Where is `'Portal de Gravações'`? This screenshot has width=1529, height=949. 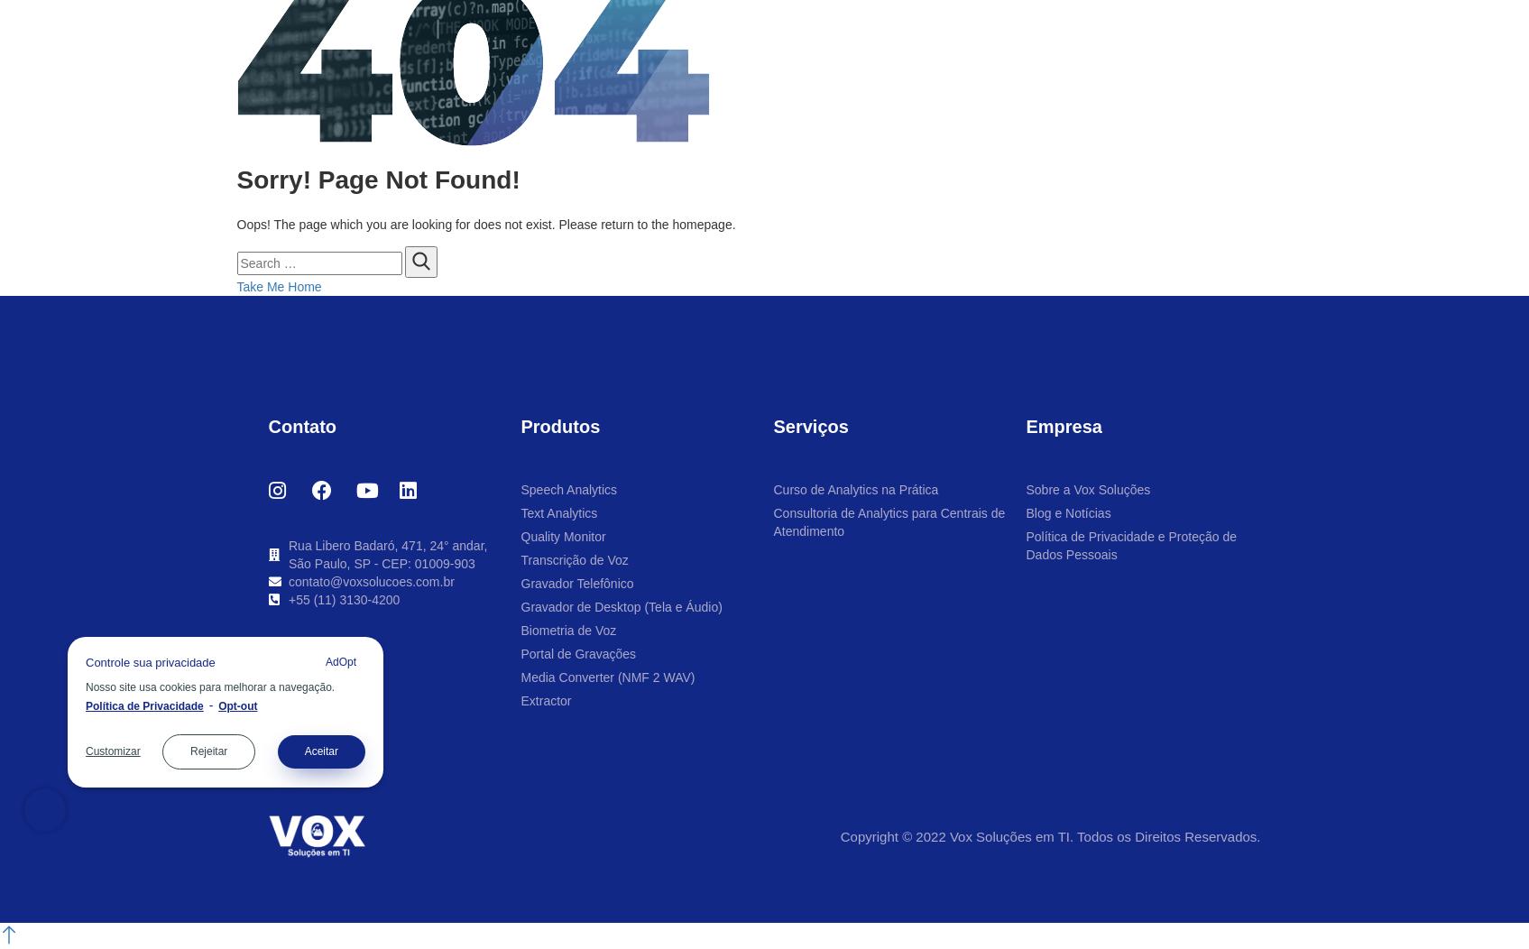
'Portal de Gravações' is located at coordinates (577, 652).